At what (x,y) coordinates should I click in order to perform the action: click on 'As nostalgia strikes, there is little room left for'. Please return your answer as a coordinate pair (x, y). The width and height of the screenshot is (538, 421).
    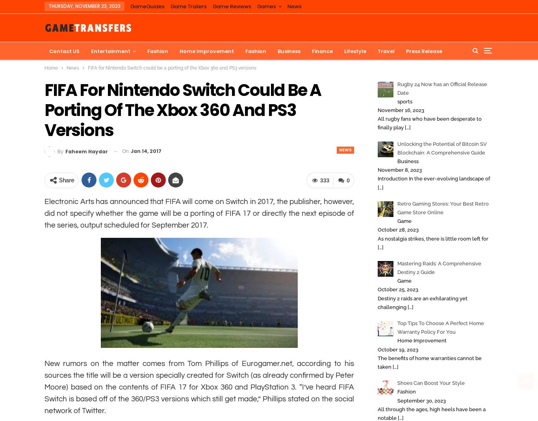
    Looking at the image, I should click on (432, 238).